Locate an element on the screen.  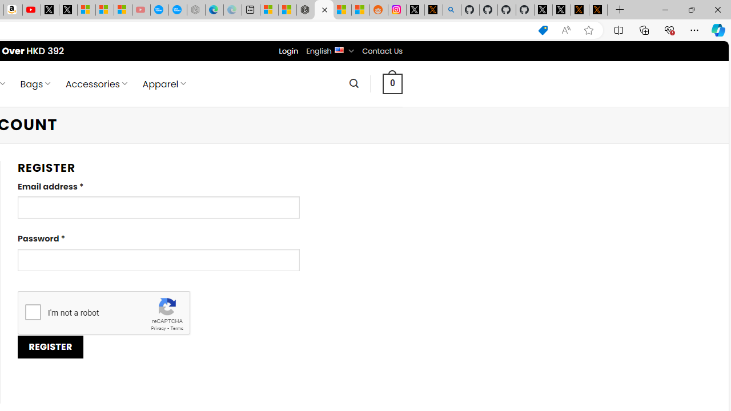
'X Privacy Policy' is located at coordinates (597, 10).